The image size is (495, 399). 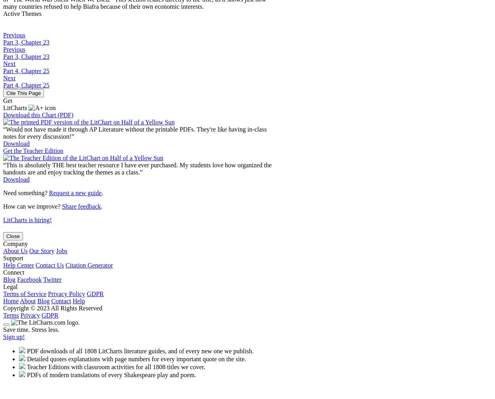 What do you see at coordinates (31, 329) in the screenshot?
I see `'Save time. Stress less.'` at bounding box center [31, 329].